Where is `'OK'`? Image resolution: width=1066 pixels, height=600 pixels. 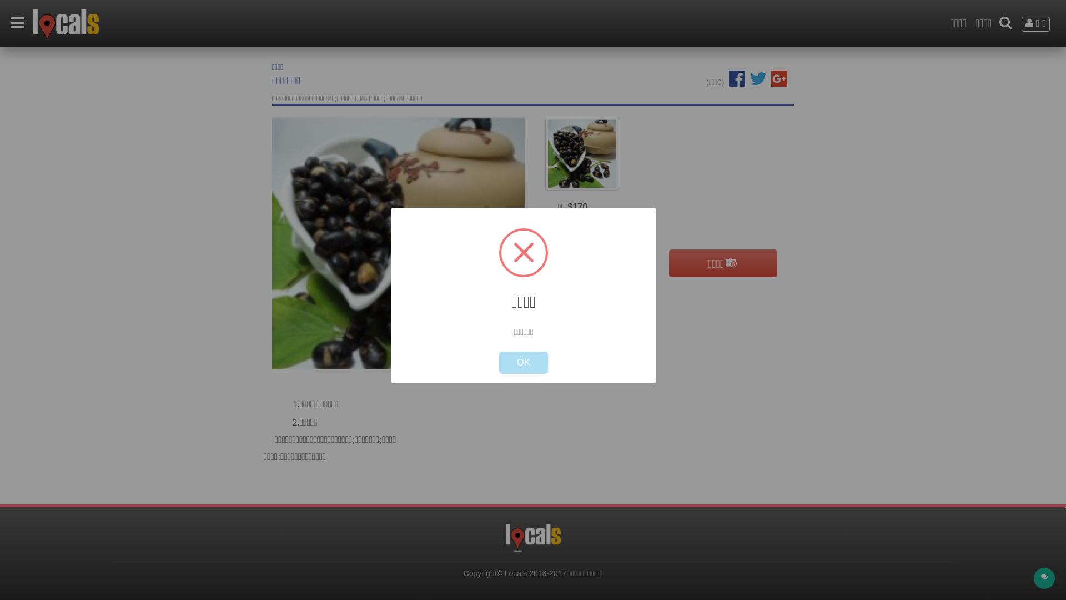
'OK' is located at coordinates (523, 362).